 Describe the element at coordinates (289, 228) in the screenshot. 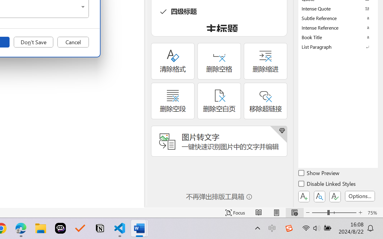

I see `'Class: Image'` at that location.